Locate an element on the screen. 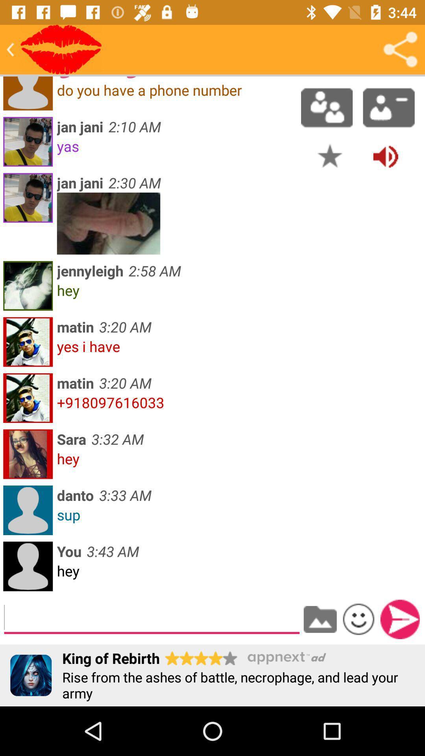  icon above the rise from the is located at coordinates (400, 619).